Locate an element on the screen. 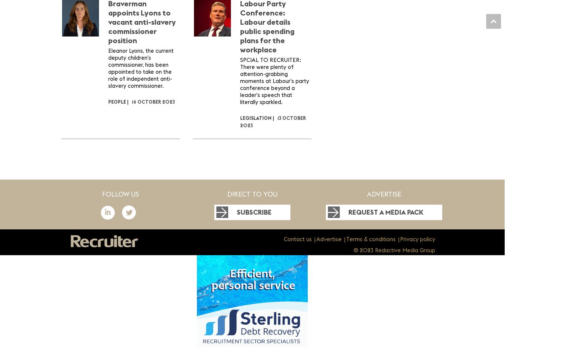  'Request a media pack' is located at coordinates (348, 212).